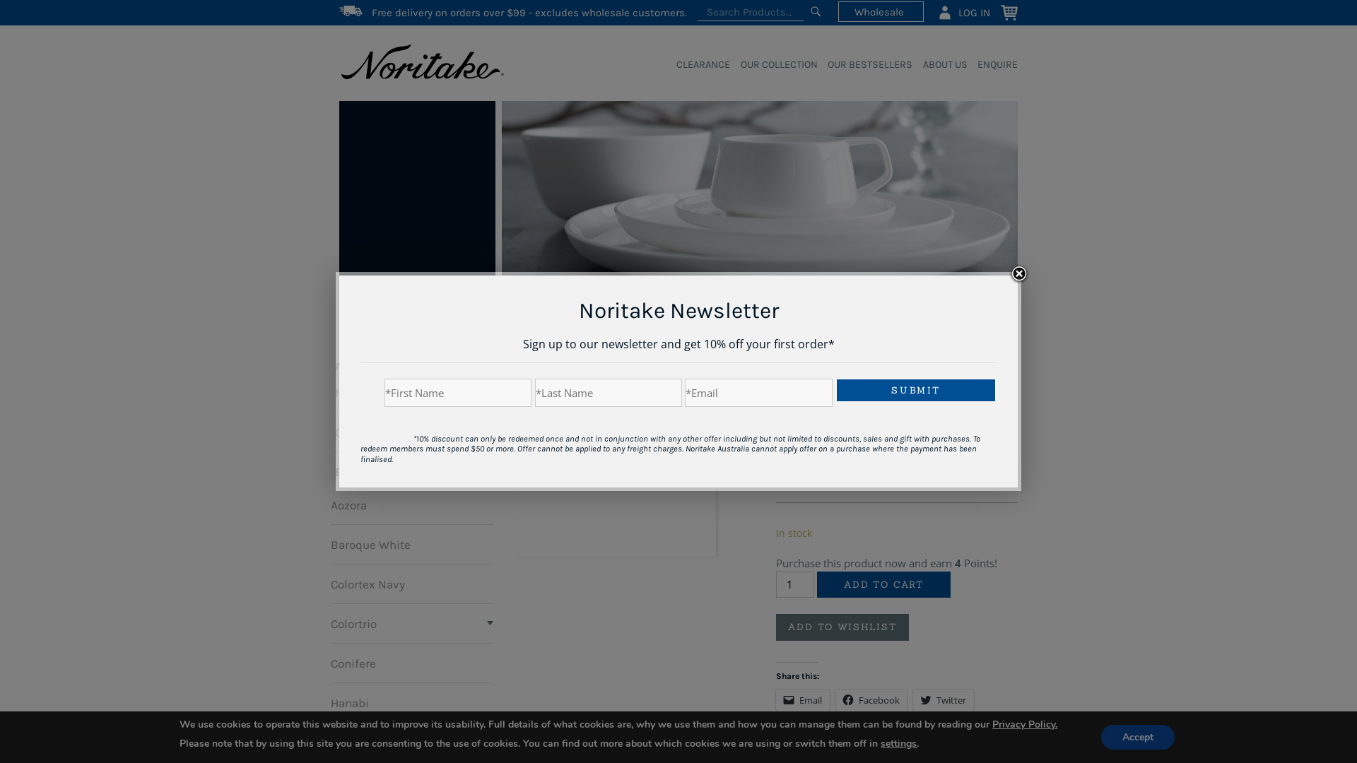  I want to click on 'Privacy Policy.', so click(1024, 724).